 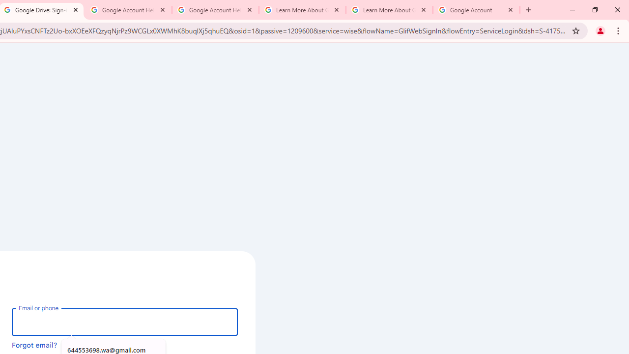 I want to click on 'Google Account', so click(x=476, y=10).